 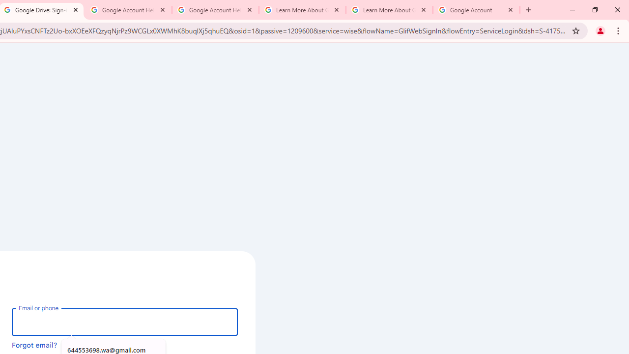 I want to click on 'Google Account', so click(x=476, y=10).